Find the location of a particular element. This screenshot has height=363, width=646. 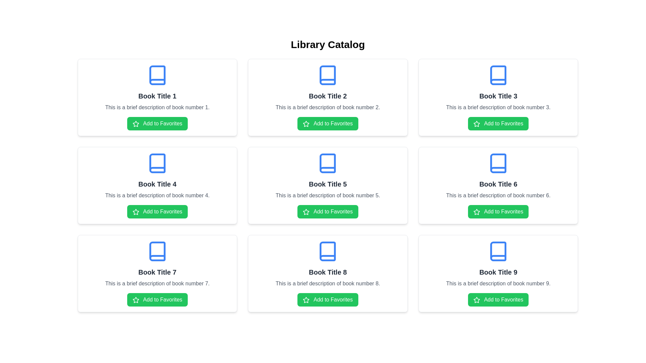

the green button labeled 'Add to Favorites' with a white star icon, located within the card for 'Book Title 2' is located at coordinates (328, 123).